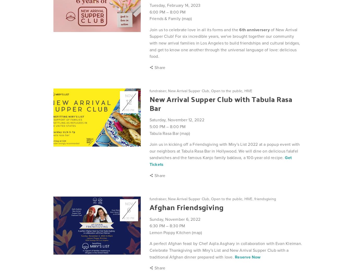  I want to click on '5:00 PM', so click(157, 127).